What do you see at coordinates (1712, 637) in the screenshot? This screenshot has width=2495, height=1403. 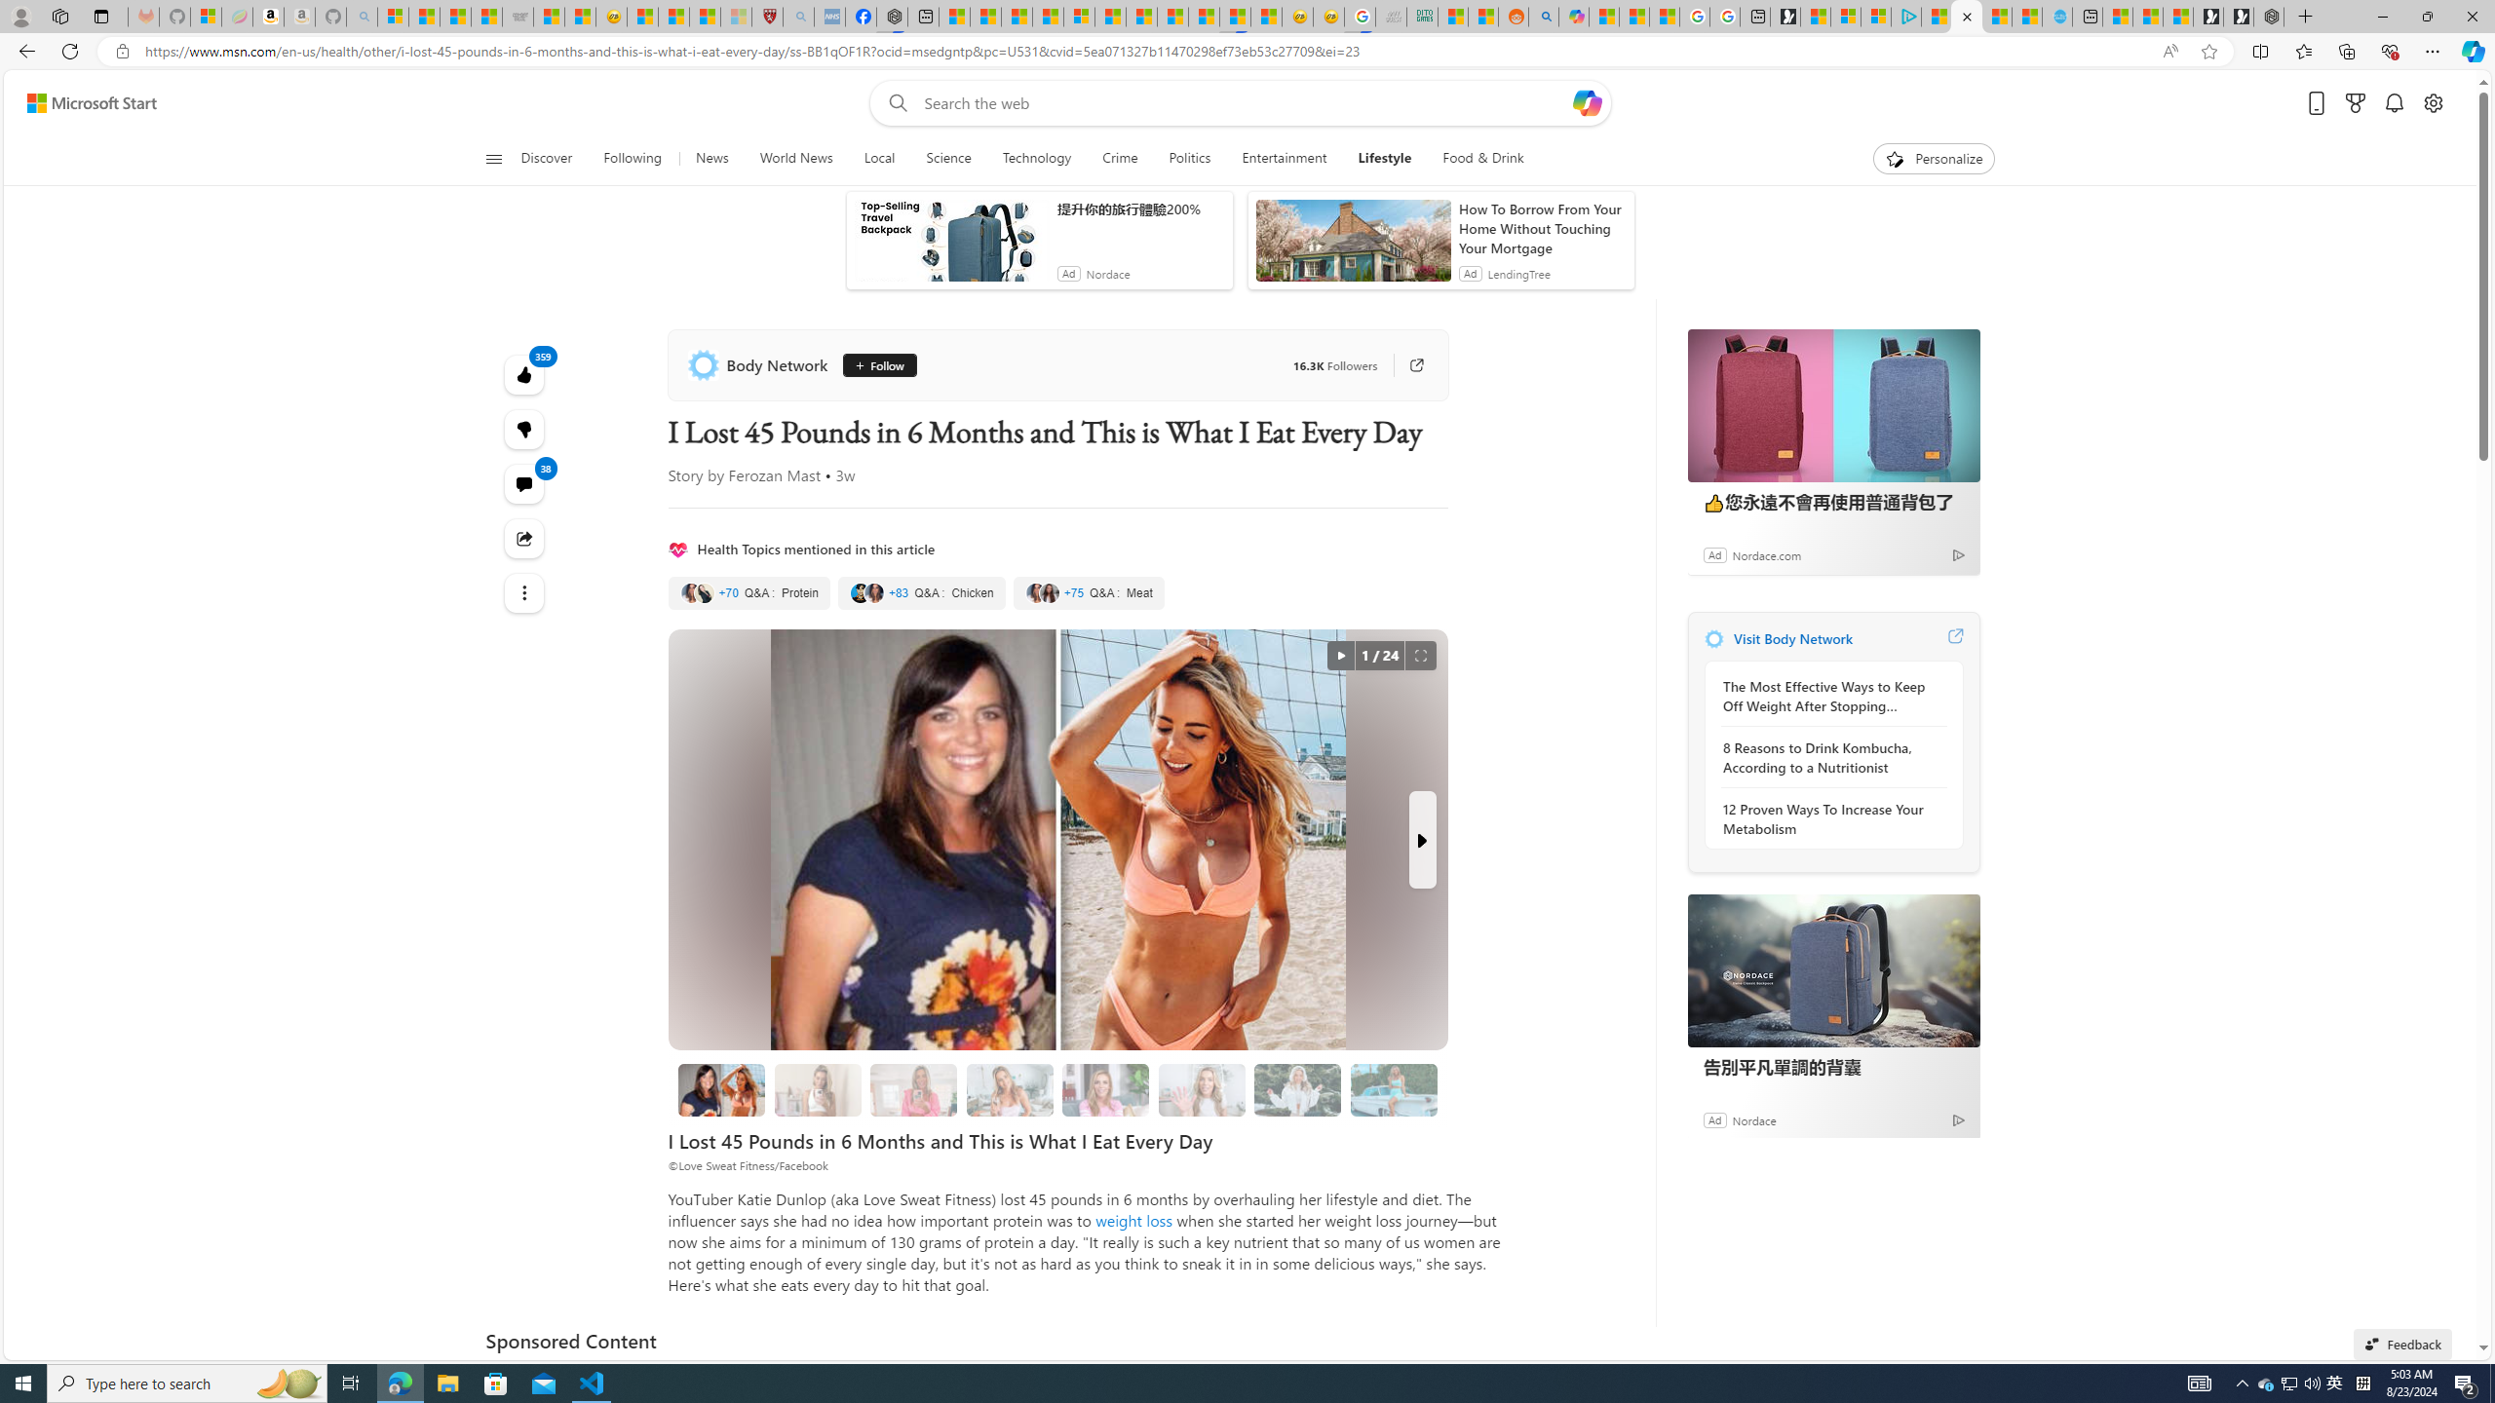 I see `'Body Network'` at bounding box center [1712, 637].